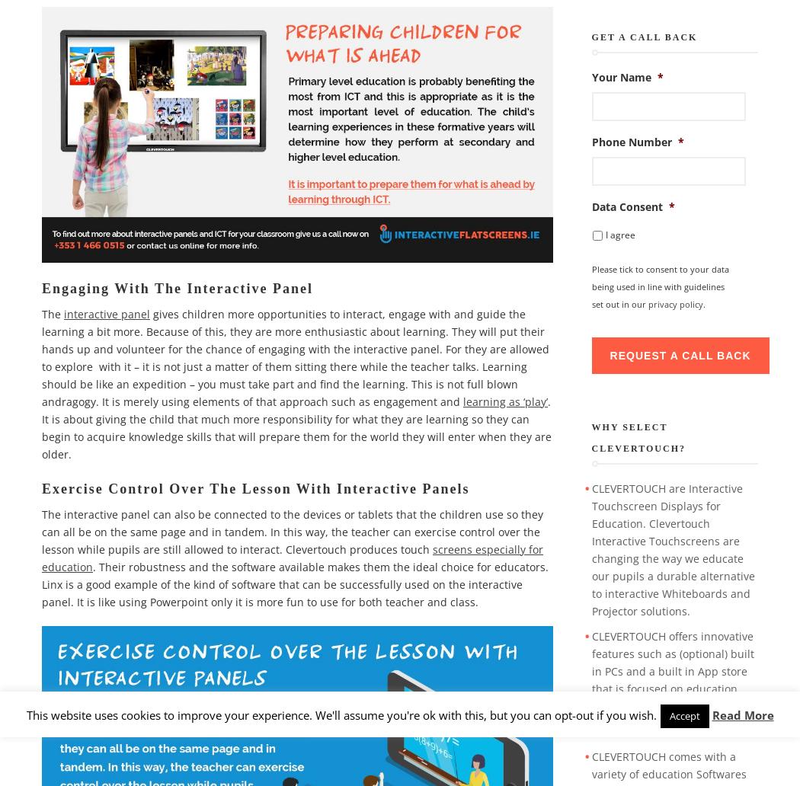 The width and height of the screenshot is (800, 786). What do you see at coordinates (41, 427) in the screenshot?
I see `'. It is about giving the child that much more responsibility for what they are learning so they can begin to acquire knowledge skills that will prepare them for the world they will enter when they are older.'` at bounding box center [41, 427].